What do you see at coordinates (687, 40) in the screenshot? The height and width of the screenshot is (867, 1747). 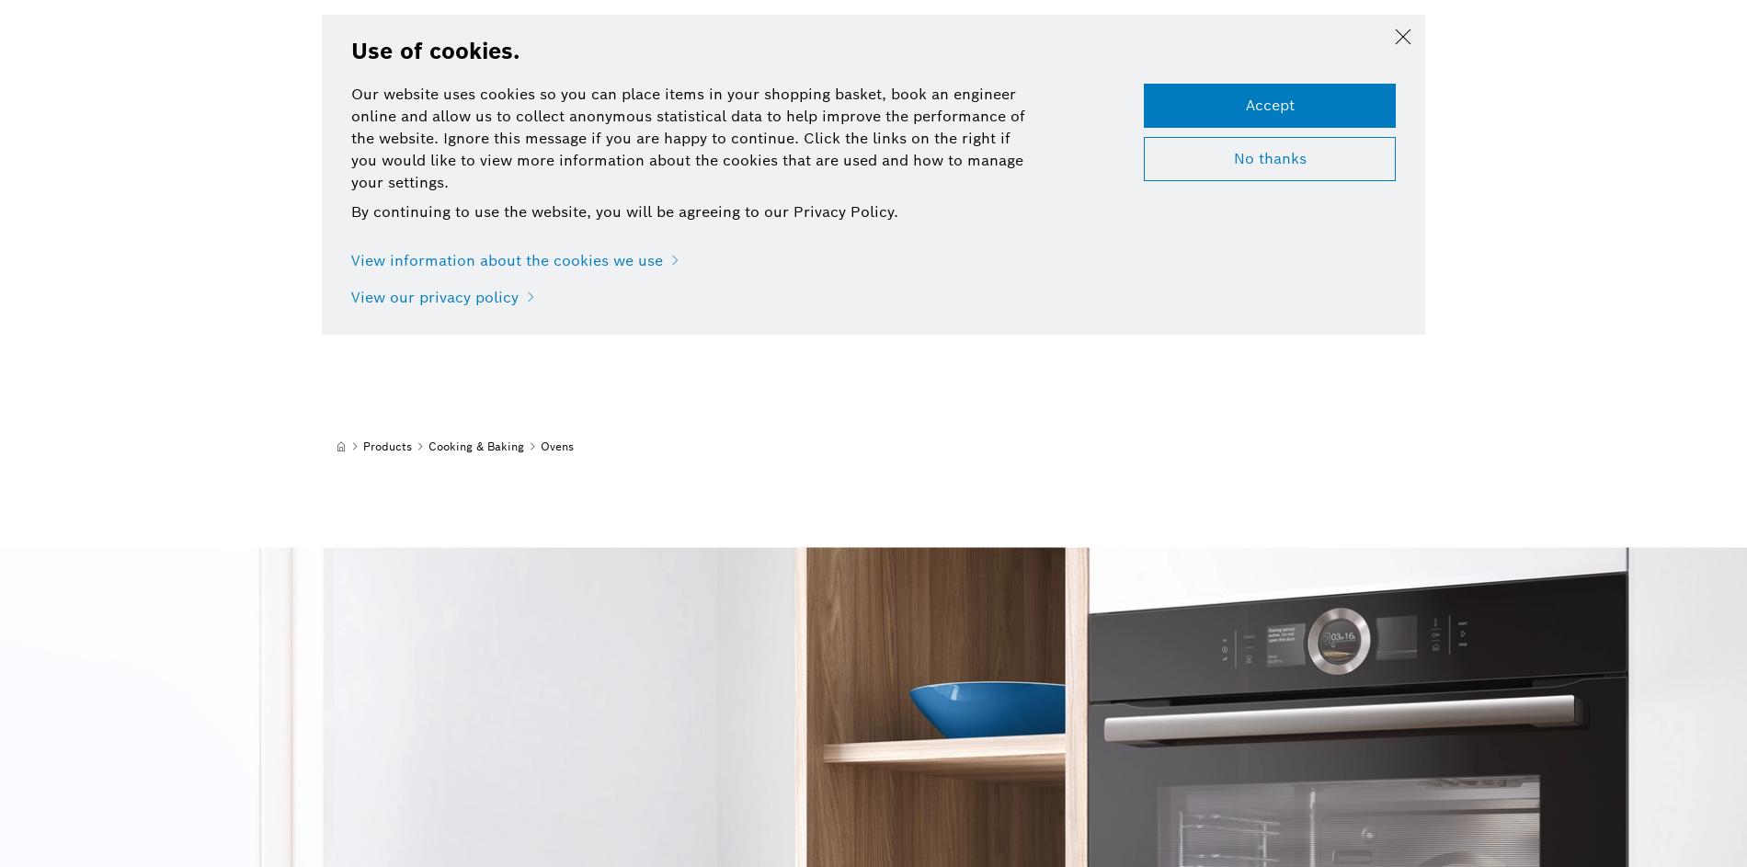 I see `'Service'` at bounding box center [687, 40].